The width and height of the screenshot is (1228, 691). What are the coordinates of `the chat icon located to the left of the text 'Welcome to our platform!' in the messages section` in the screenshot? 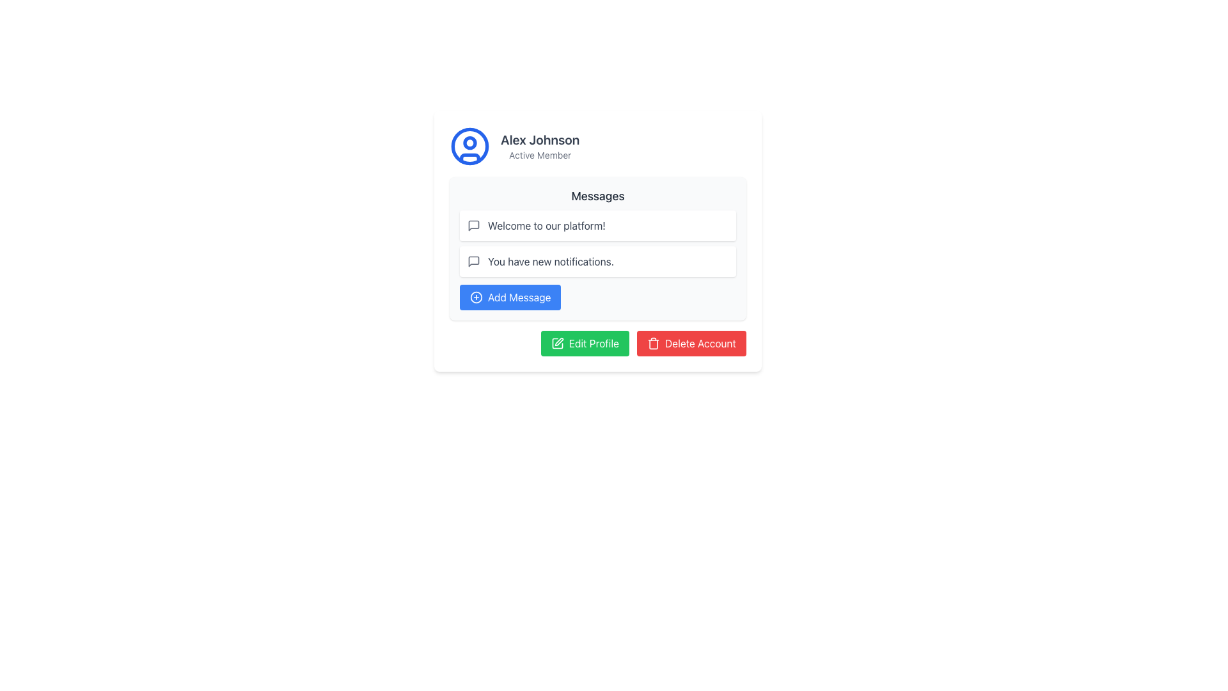 It's located at (473, 260).